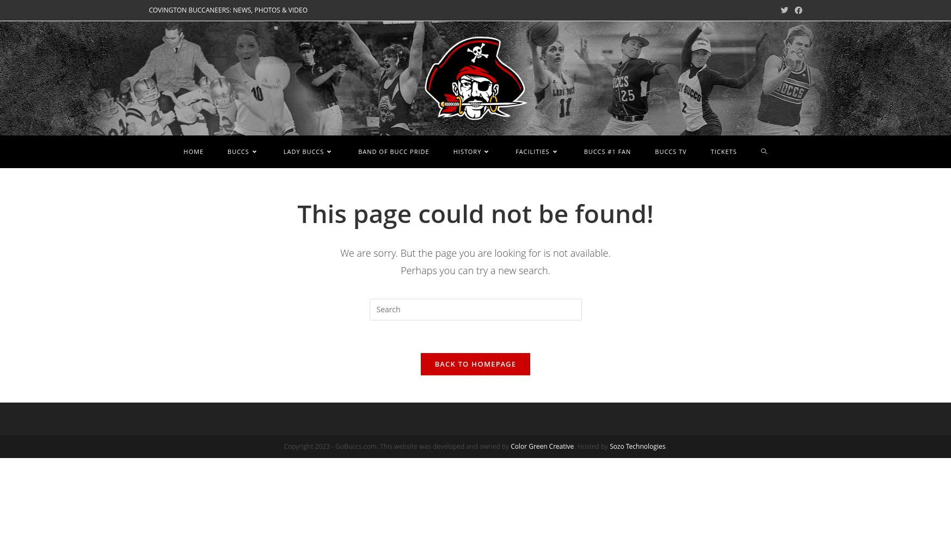 Image resolution: width=951 pixels, height=544 pixels. What do you see at coordinates (394, 151) in the screenshot?
I see `'BAND OF BUCC PRIDE'` at bounding box center [394, 151].